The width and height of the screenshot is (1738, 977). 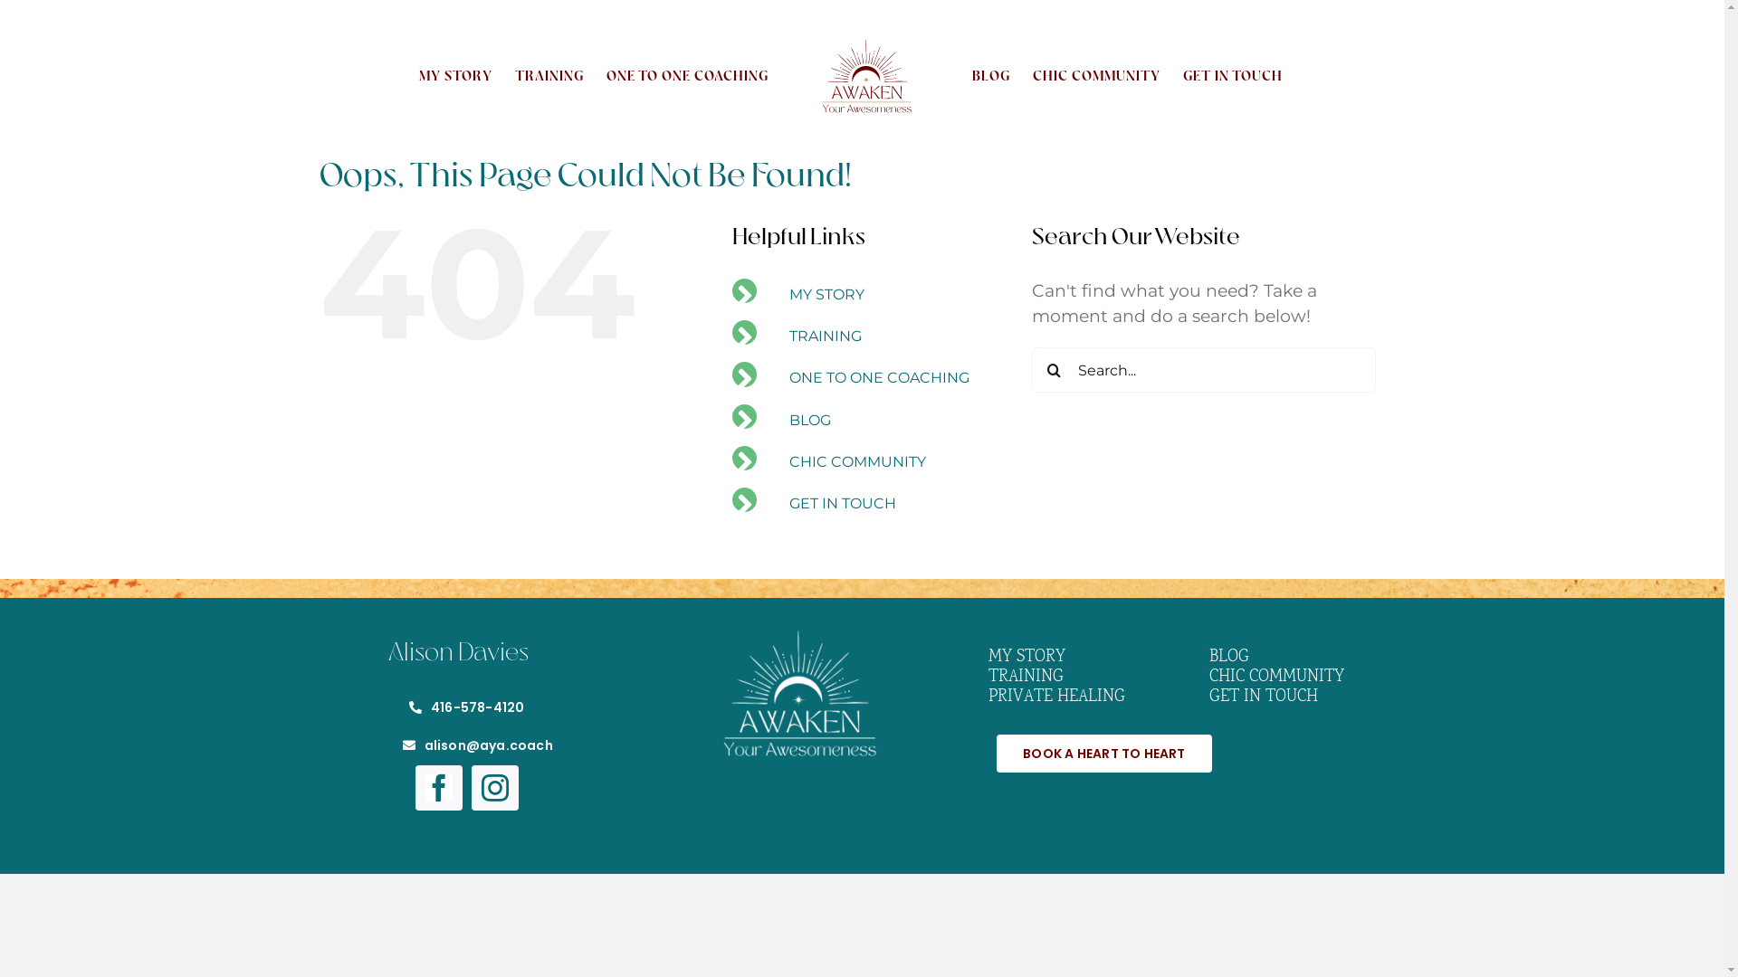 I want to click on 'TRAINING', so click(x=825, y=336).